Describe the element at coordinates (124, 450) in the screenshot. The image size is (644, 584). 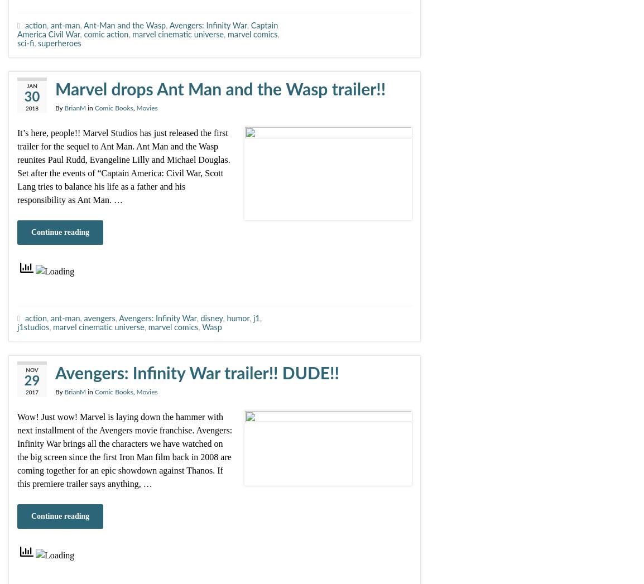
I see `'Wow! Just wow! Marvel is laying down the hammer with next installment of the Avengers movie franchise. Avengers: Infinity War brings all the characters we have watched on the big screen since the first Iron Man film back in 2008 are coming together for an epic showdown against Thanos. If this premiere trailer says anything, …'` at that location.